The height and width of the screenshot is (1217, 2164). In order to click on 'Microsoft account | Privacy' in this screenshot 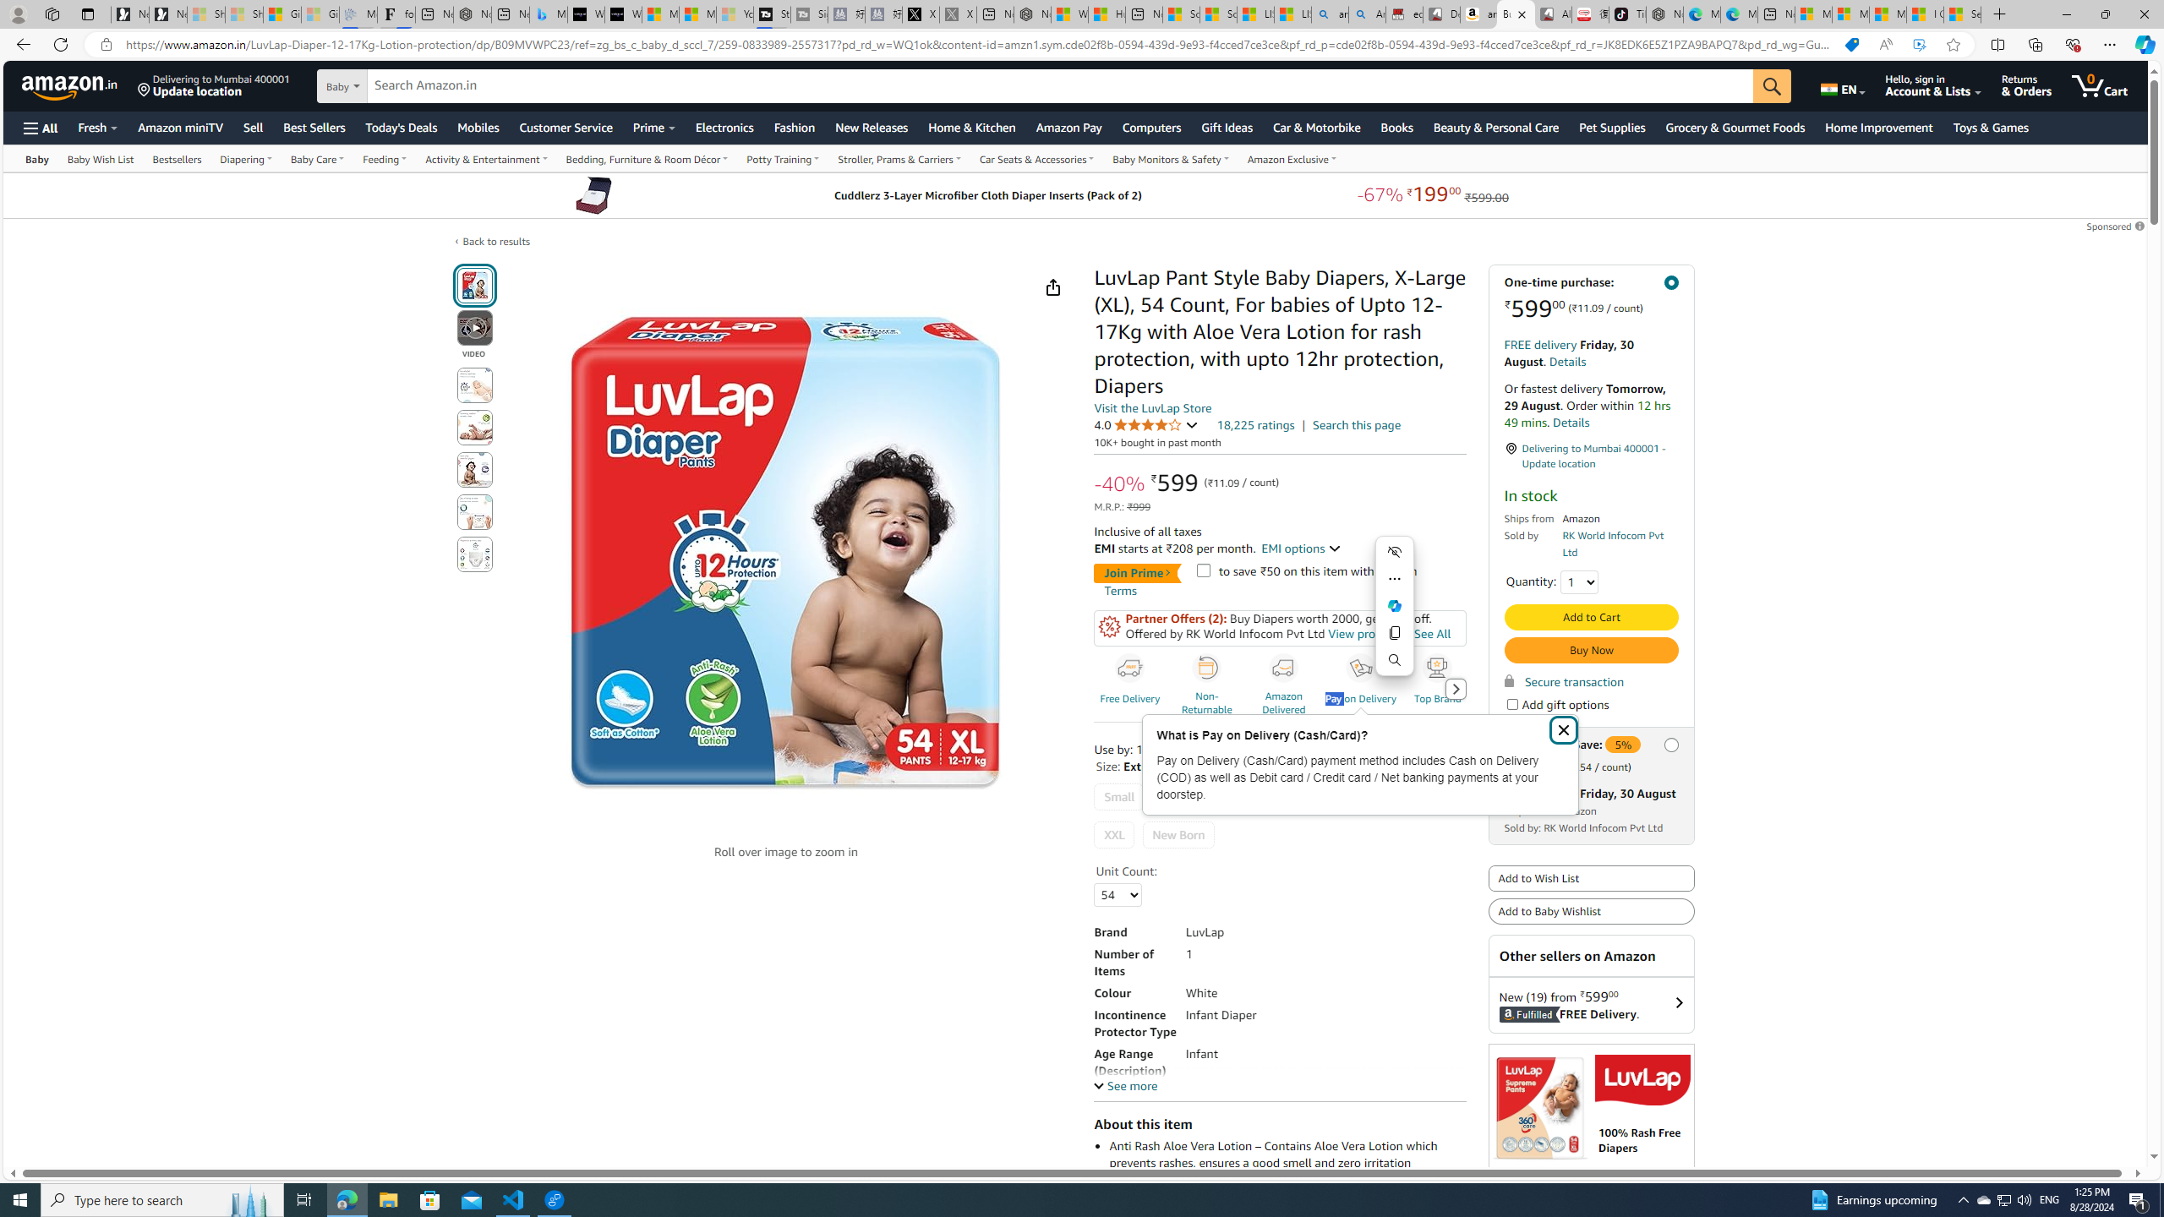, I will do `click(1850, 14)`.